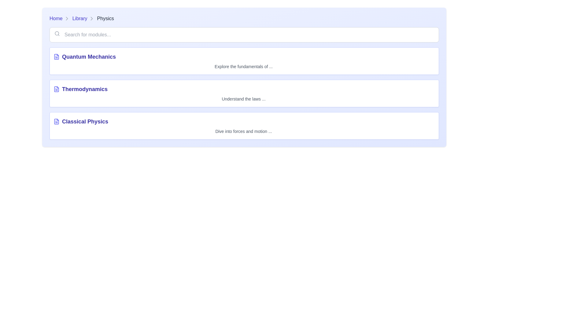 The height and width of the screenshot is (330, 587). What do you see at coordinates (57, 121) in the screenshot?
I see `the 'Classical Physics' icon, which serves as a recognizable indicator for users` at bounding box center [57, 121].